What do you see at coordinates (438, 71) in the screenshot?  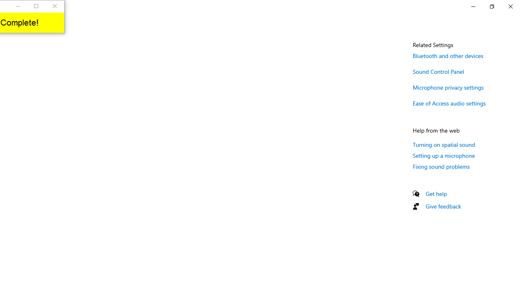 I see `'Sound Control Panel'` at bounding box center [438, 71].